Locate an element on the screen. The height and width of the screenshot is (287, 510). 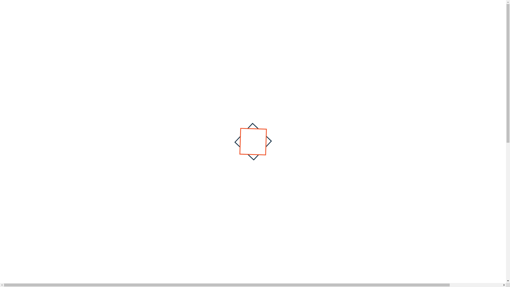
'Log in' is located at coordinates (403, 5).